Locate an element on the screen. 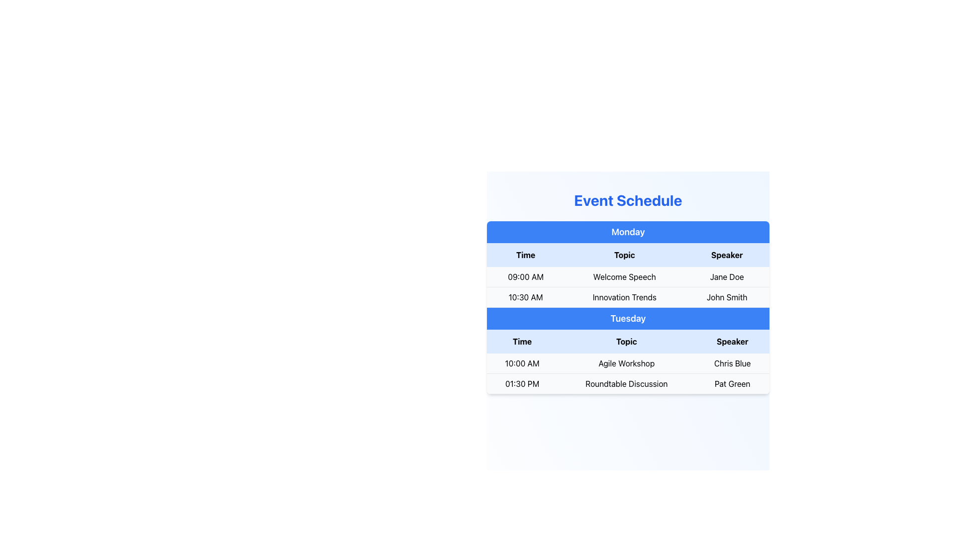 The image size is (955, 537). the static text label displaying 'Innovation Trends', which is centrally aligned in the 'Topic' column of the Monday schedule row, positioned between '10:30 AM' and 'John Smith' is located at coordinates (624, 296).